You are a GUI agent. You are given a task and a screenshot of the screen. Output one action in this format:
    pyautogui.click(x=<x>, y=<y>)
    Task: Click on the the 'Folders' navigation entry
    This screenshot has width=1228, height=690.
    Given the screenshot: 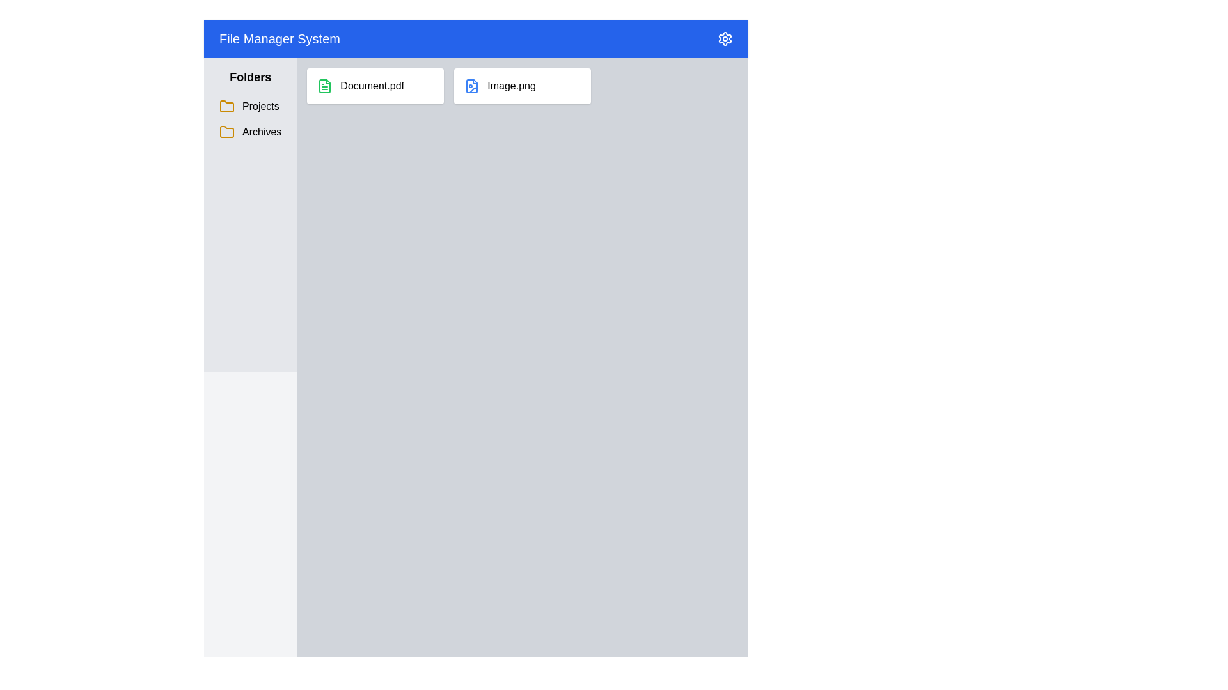 What is the action you would take?
    pyautogui.click(x=250, y=119)
    